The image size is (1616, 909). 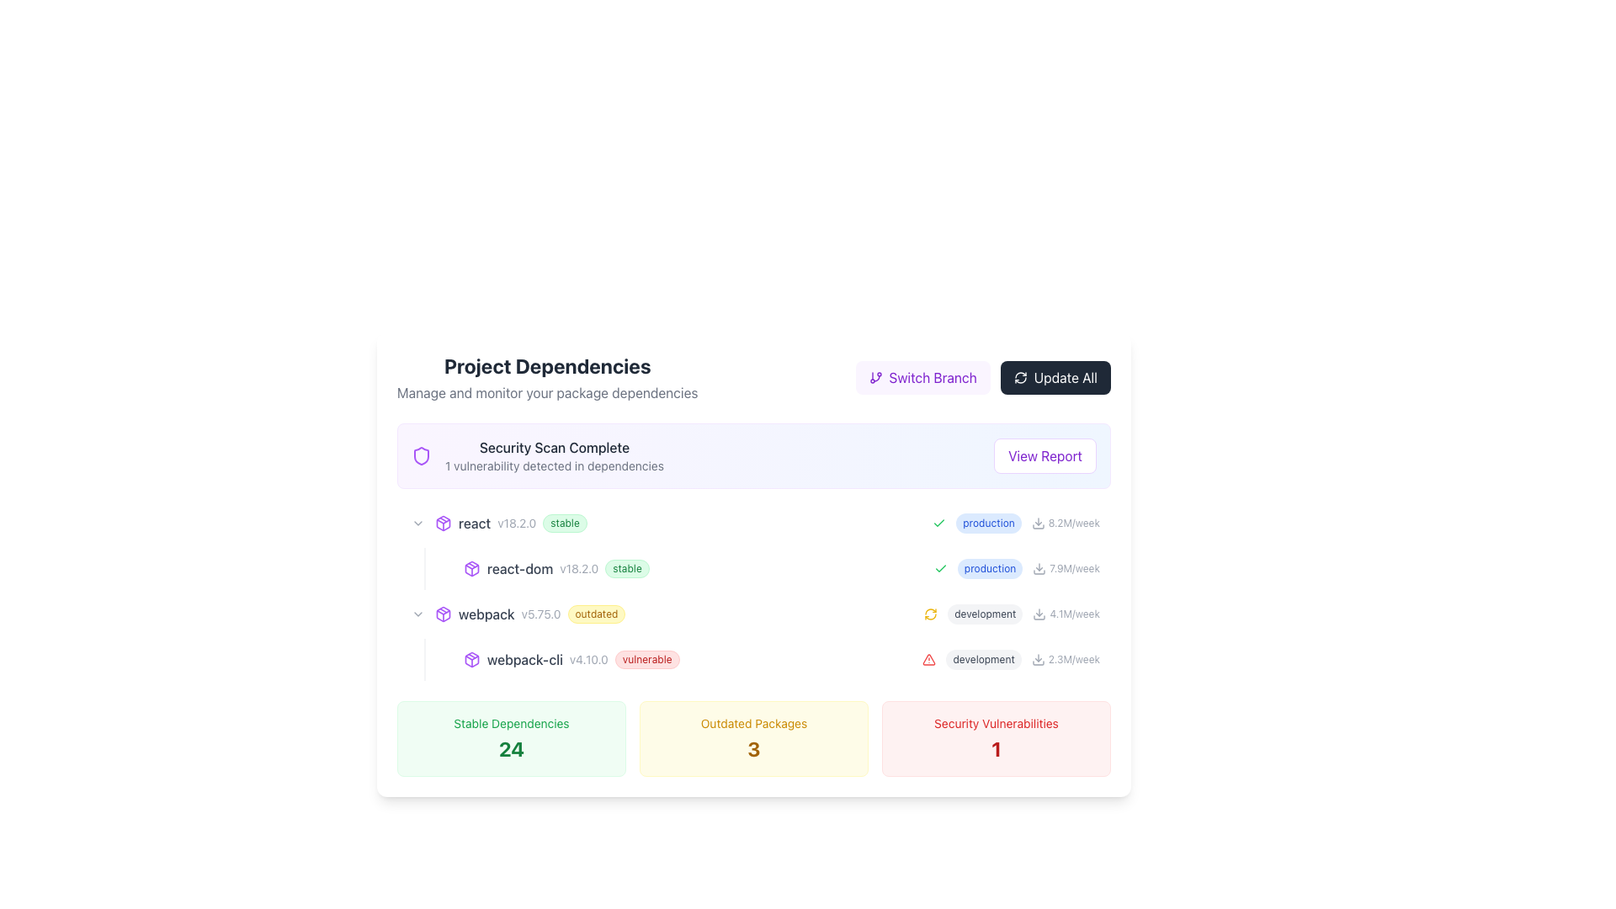 What do you see at coordinates (1011, 614) in the screenshot?
I see `the label containing the text 'development' with the rounded background and the icons on both sides, positioned in the fourth row's right side detail section after the 'webpack' header` at bounding box center [1011, 614].